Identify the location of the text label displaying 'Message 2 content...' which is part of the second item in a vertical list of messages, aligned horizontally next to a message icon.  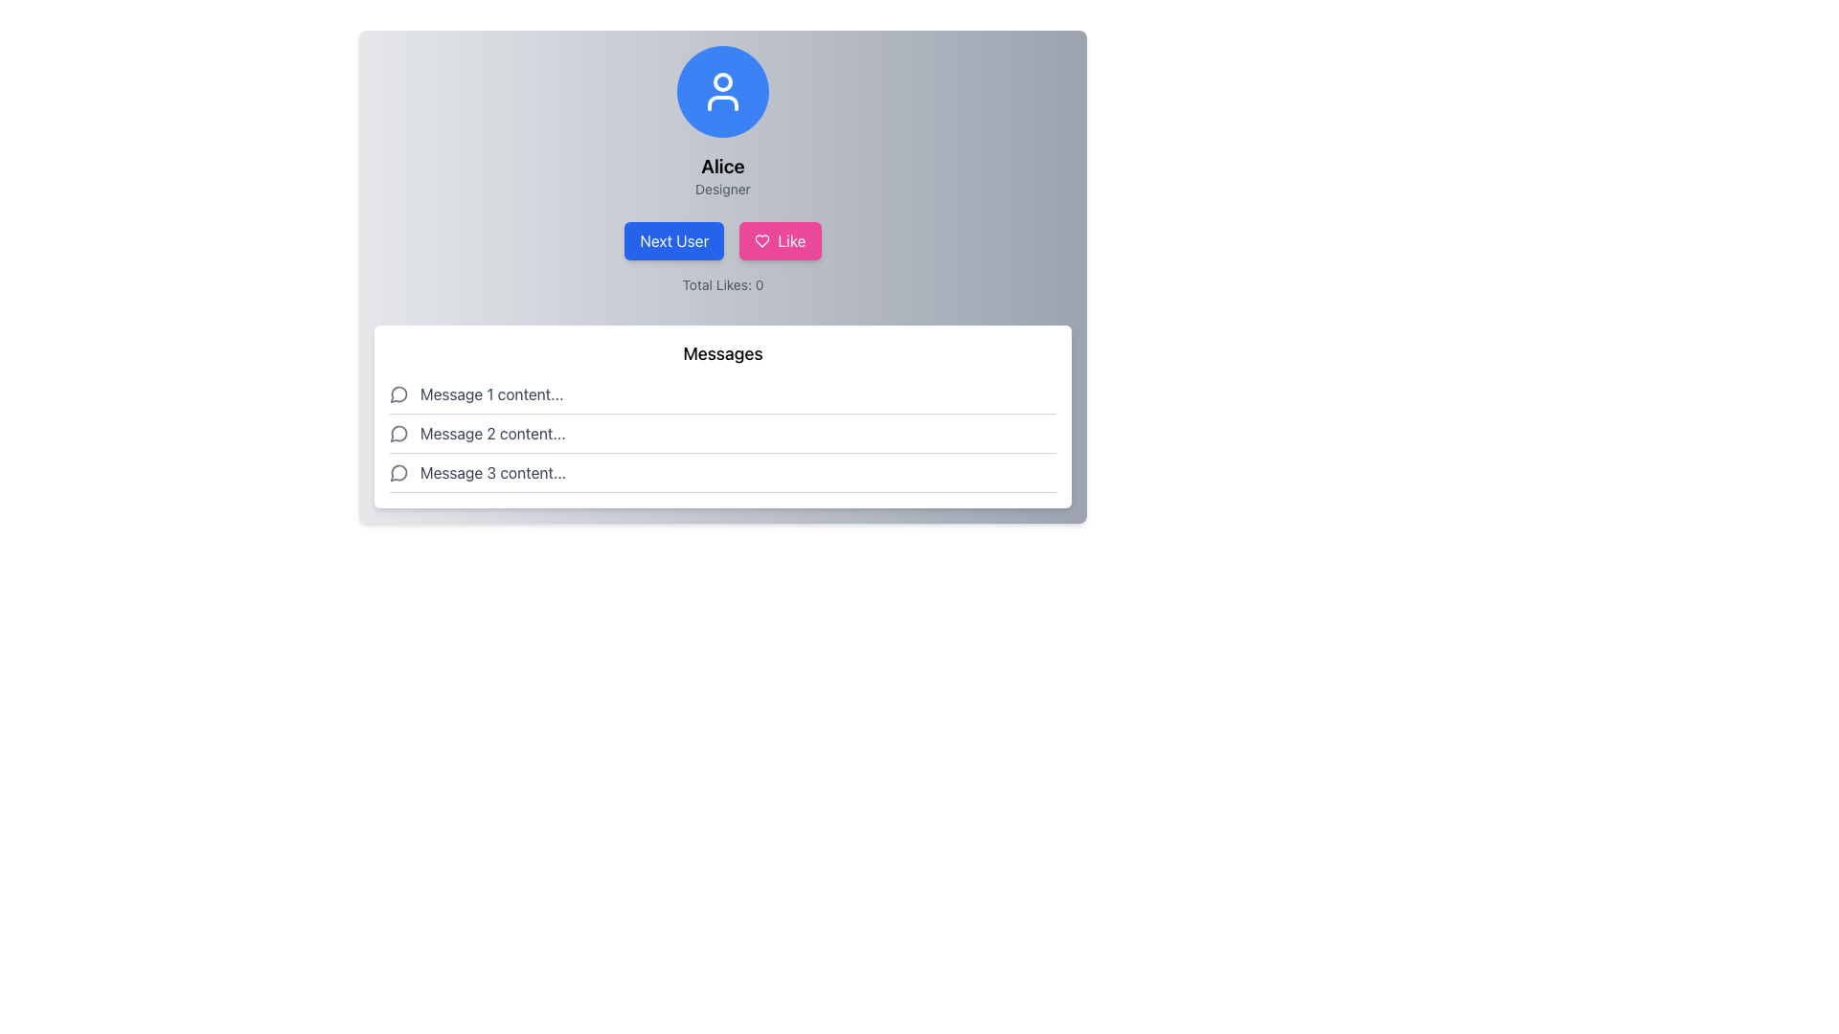
(492, 433).